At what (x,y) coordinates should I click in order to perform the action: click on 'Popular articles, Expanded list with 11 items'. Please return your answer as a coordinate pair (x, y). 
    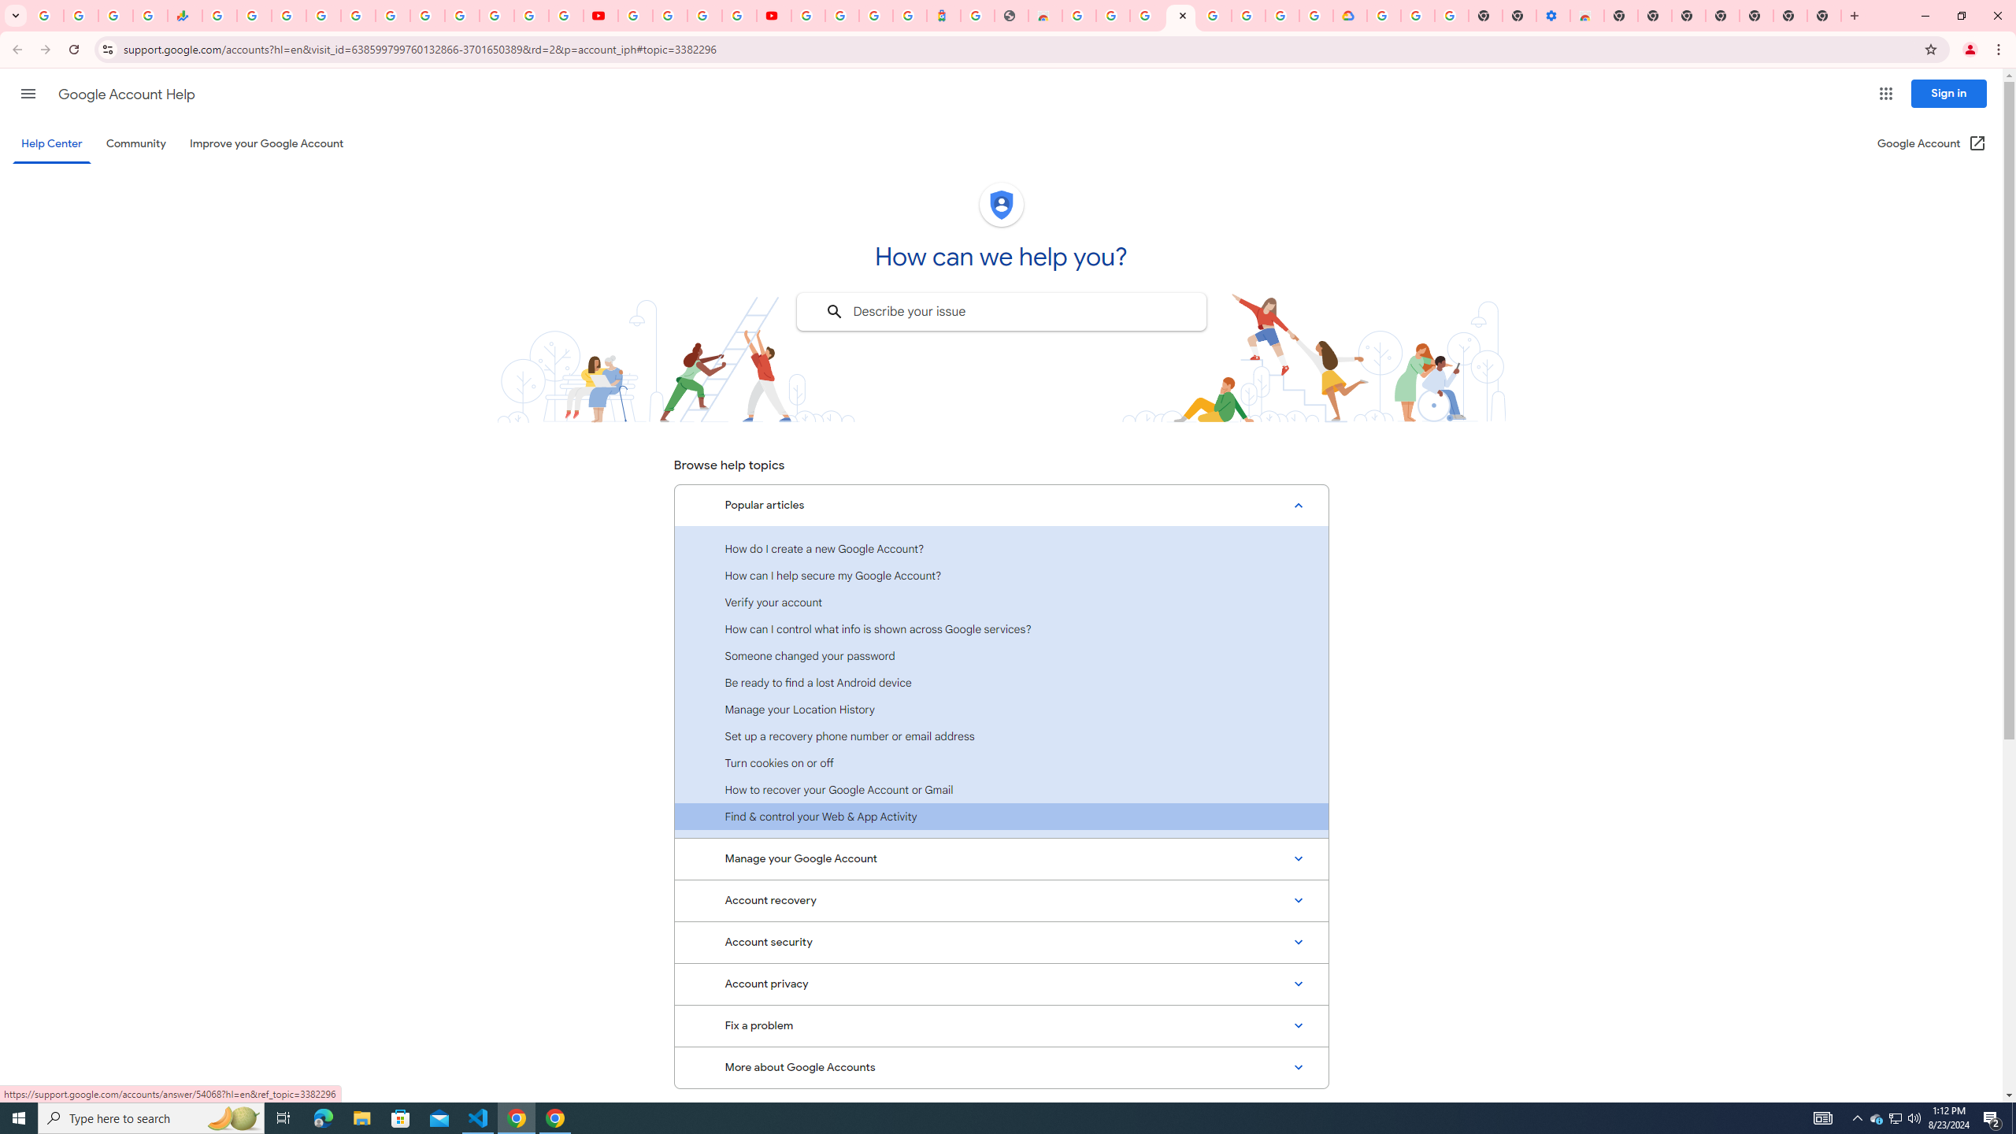
    Looking at the image, I should click on (1001, 506).